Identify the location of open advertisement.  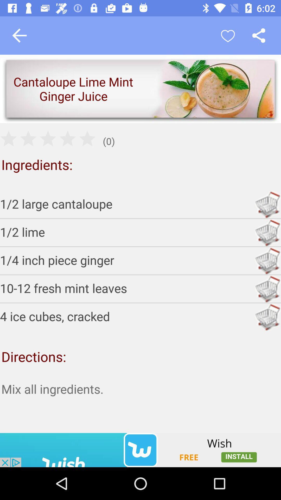
(140, 450).